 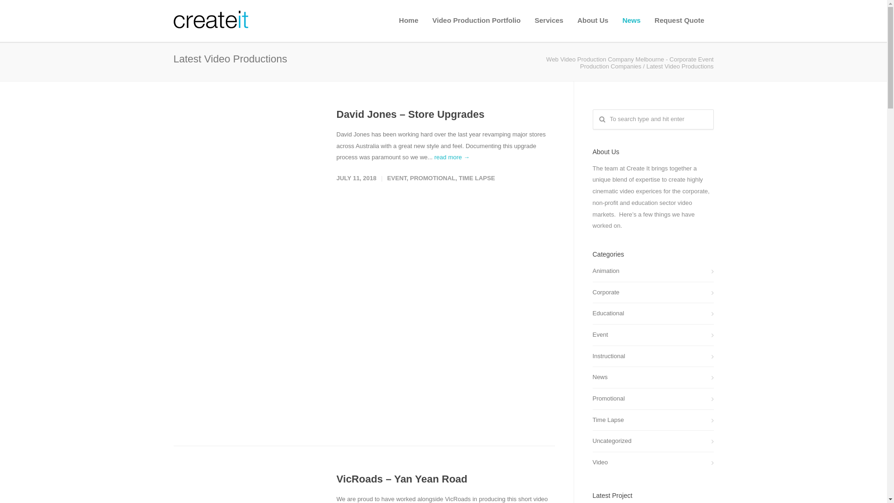 I want to click on 'About Us', so click(x=592, y=20).